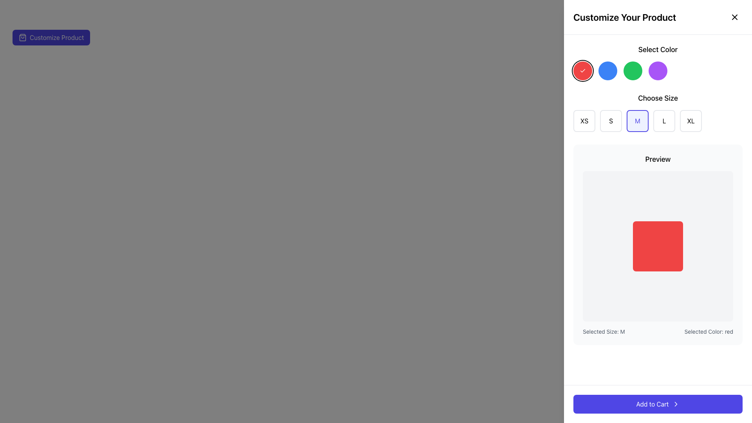  I want to click on the text label displaying 'Selected Size: M', which is located at the bottom left of the selected options preview section, so click(603, 332).